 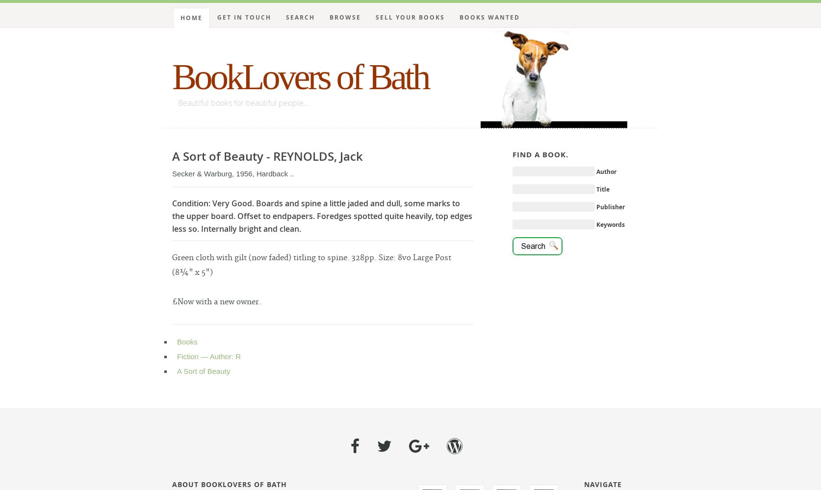 What do you see at coordinates (216, 301) in the screenshot?
I see `'£Now with a new owner.'` at bounding box center [216, 301].